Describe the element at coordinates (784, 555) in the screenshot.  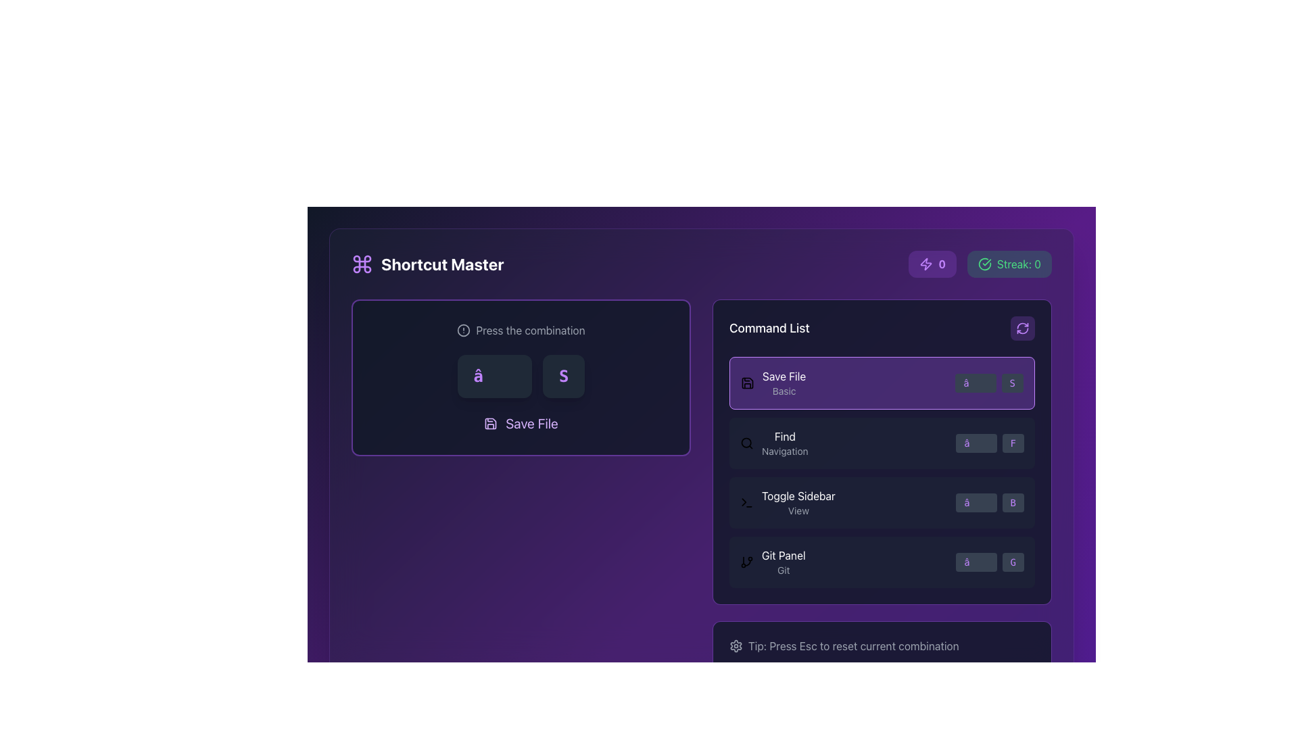
I see `the 'Git Panel' text label, which is a bold white font on a dark background located in the 'Command List' section` at that location.